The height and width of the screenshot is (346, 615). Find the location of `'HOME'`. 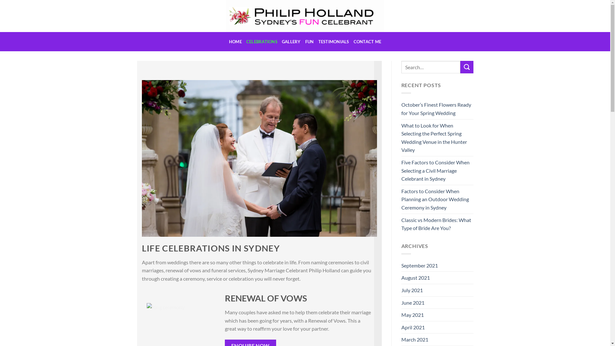

'HOME' is located at coordinates (235, 42).